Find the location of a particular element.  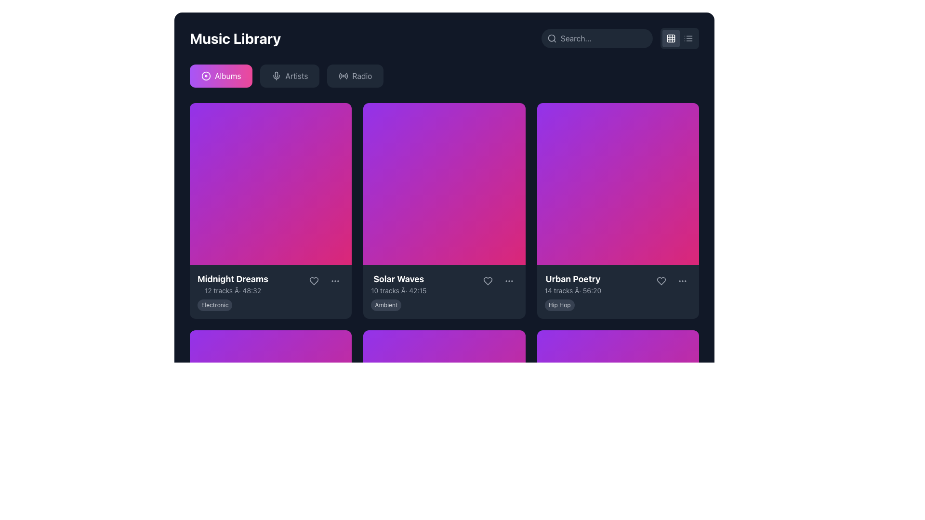

the title text label at the top-center of the second card in the grid layout is located at coordinates (398, 279).